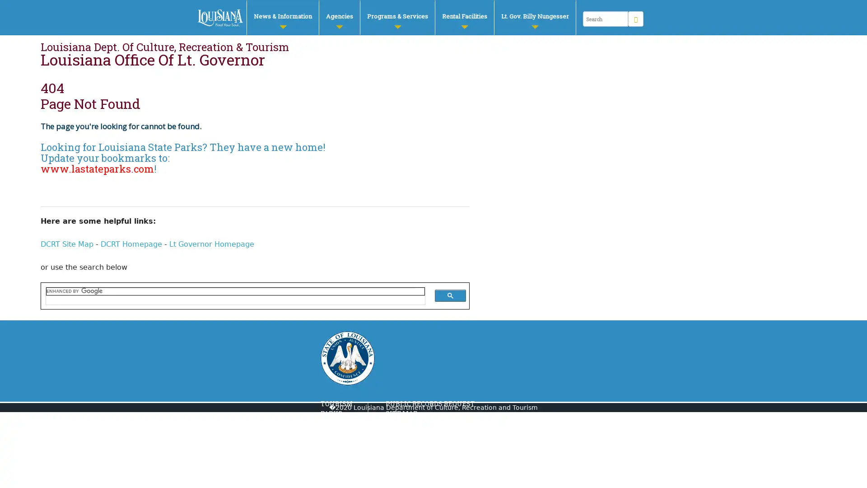 This screenshot has height=488, width=867. Describe the element at coordinates (339, 17) in the screenshot. I see `Agencies` at that location.